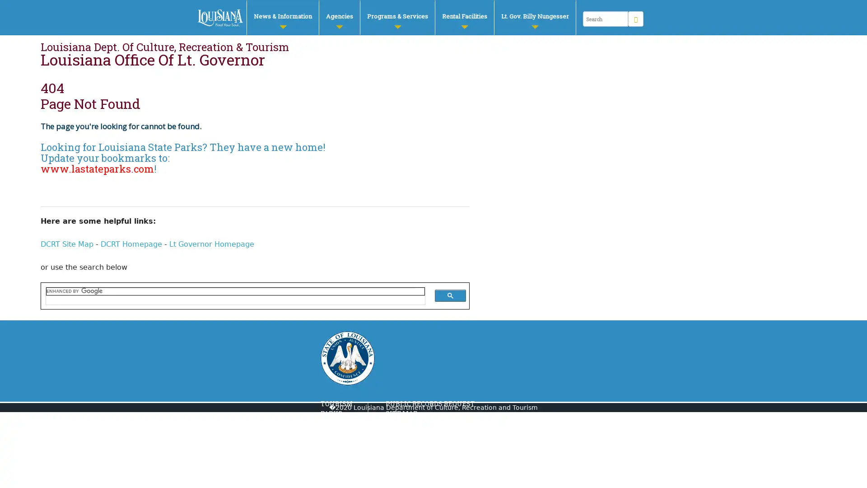 This screenshot has height=488, width=867. Describe the element at coordinates (339, 17) in the screenshot. I see `Agencies` at that location.